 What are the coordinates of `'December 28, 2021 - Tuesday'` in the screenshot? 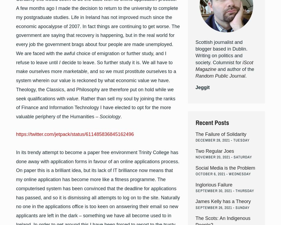 It's located at (222, 140).